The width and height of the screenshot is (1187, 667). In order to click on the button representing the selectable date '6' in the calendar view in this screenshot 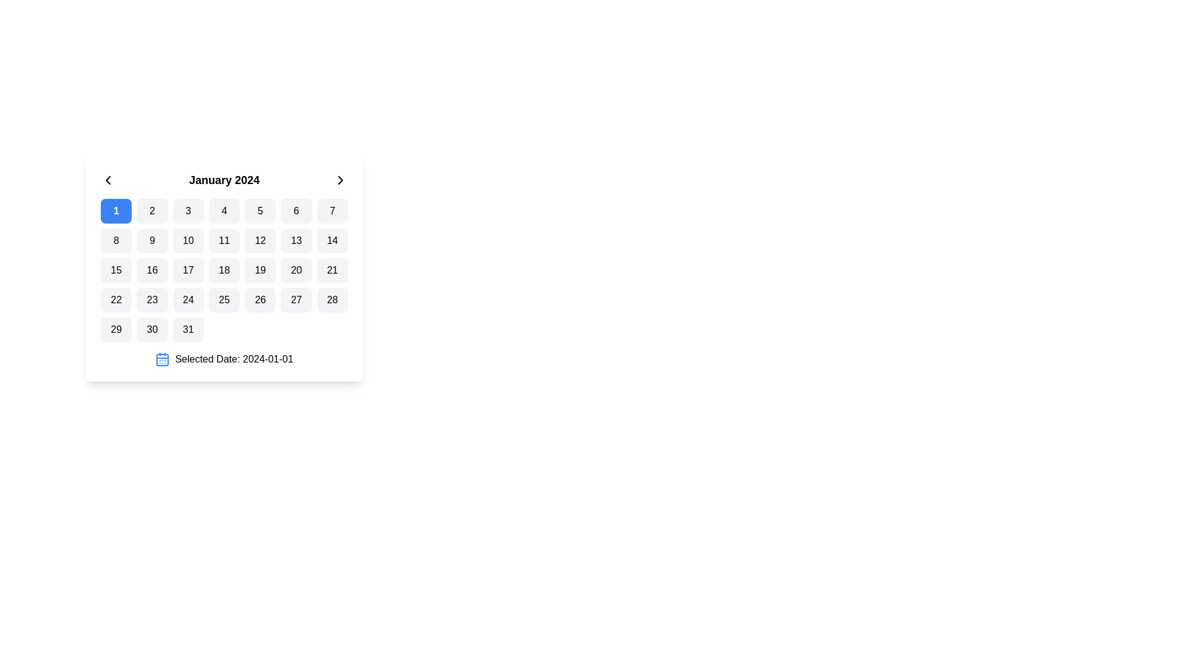, I will do `click(296, 211)`.